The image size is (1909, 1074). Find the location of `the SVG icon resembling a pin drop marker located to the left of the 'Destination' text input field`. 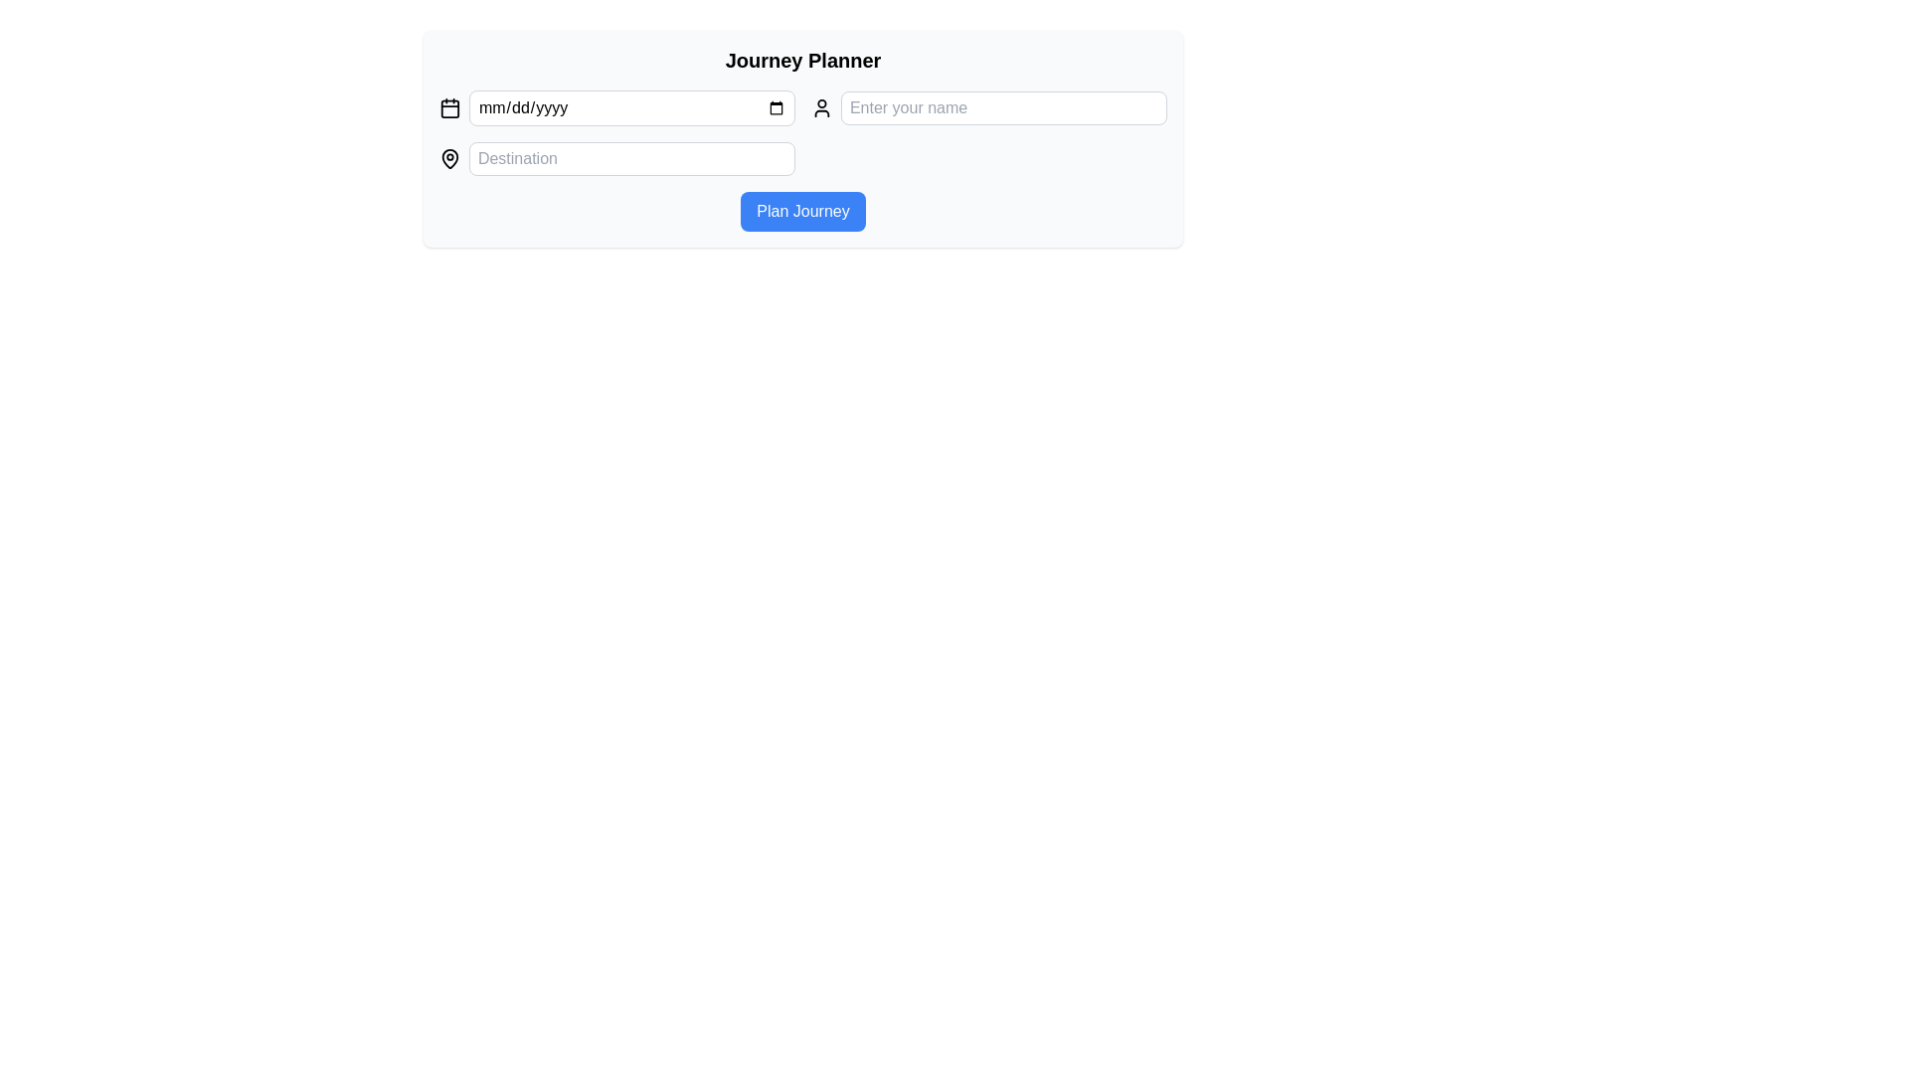

the SVG icon resembling a pin drop marker located to the left of the 'Destination' text input field is located at coordinates (448, 157).